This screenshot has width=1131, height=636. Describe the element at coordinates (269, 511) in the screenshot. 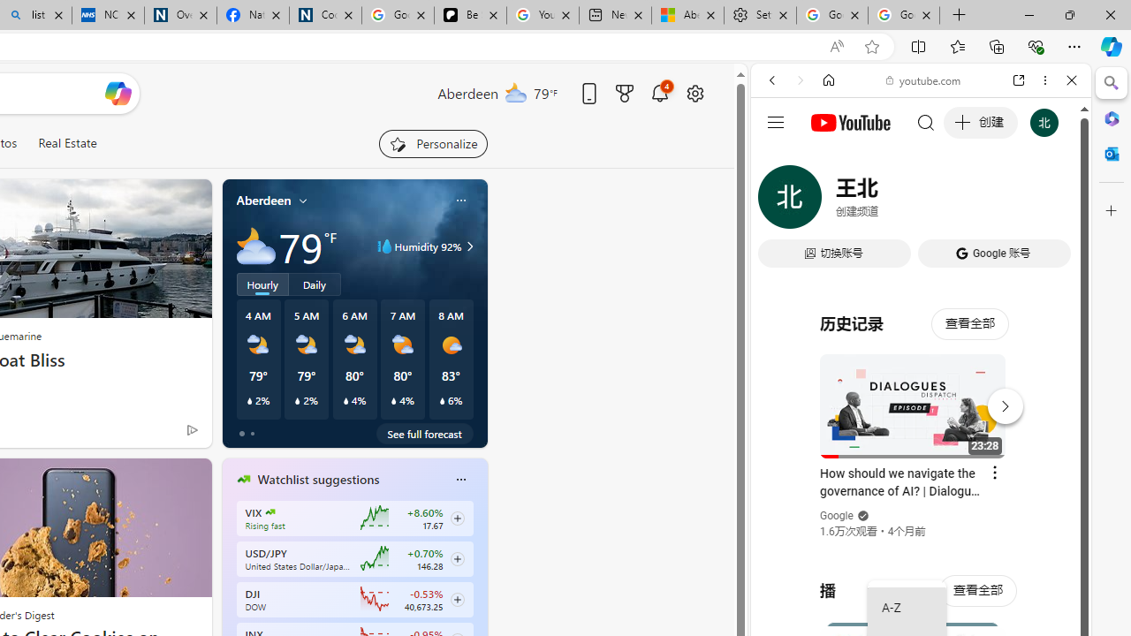

I see `'CBOE Market Volatility Index'` at that location.